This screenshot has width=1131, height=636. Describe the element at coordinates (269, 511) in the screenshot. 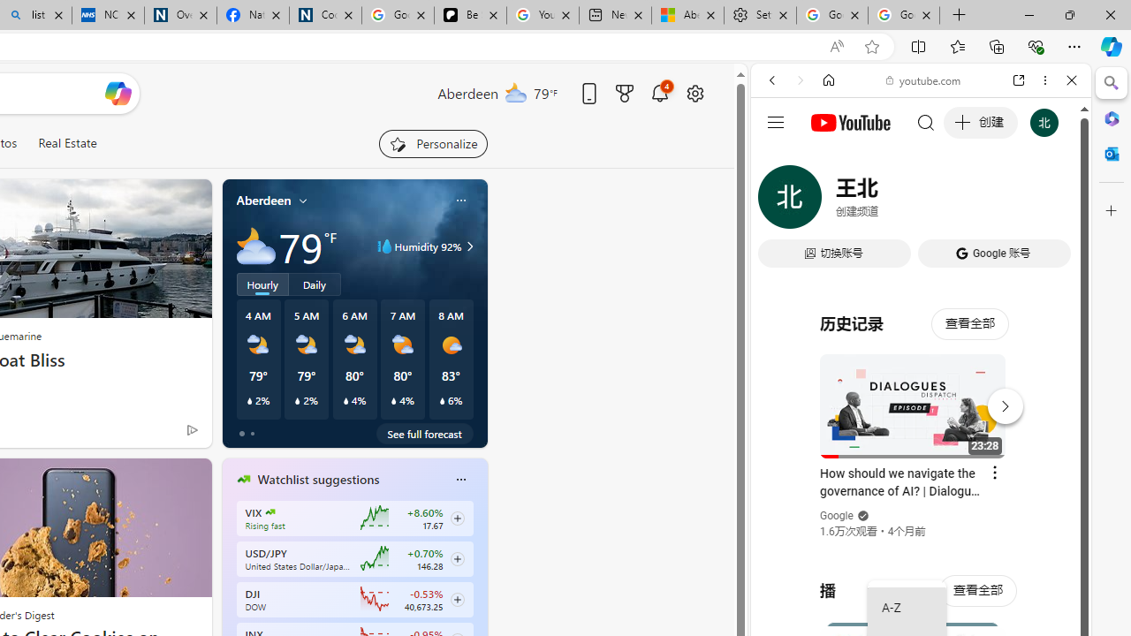

I see `'CBOE Market Volatility Index'` at that location.